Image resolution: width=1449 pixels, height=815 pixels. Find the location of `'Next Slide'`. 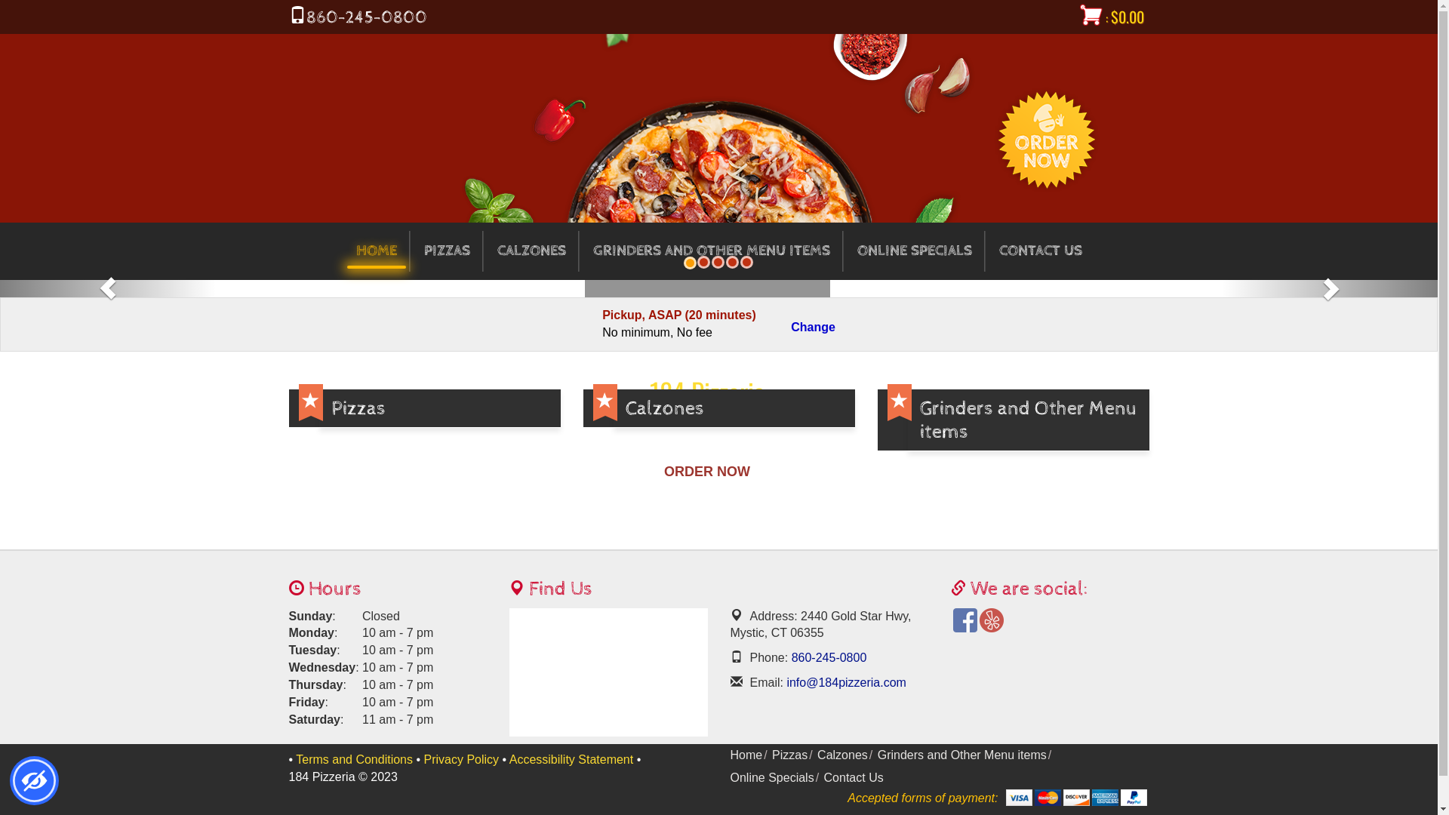

'Next Slide' is located at coordinates (1329, 288).